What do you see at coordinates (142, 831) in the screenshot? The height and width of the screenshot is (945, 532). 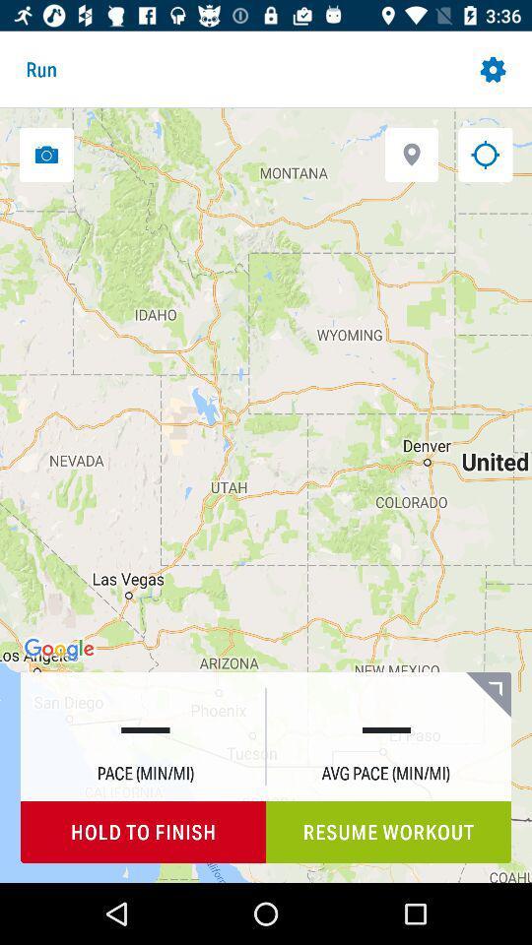 I see `item to the left of the resume workout icon` at bounding box center [142, 831].